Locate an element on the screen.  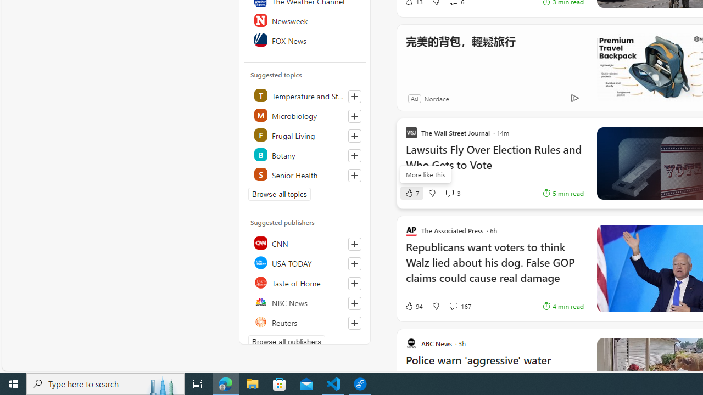
'Lawsuits Fly Over Election Rules and Who Gets to Vote' is located at coordinates (494, 163).